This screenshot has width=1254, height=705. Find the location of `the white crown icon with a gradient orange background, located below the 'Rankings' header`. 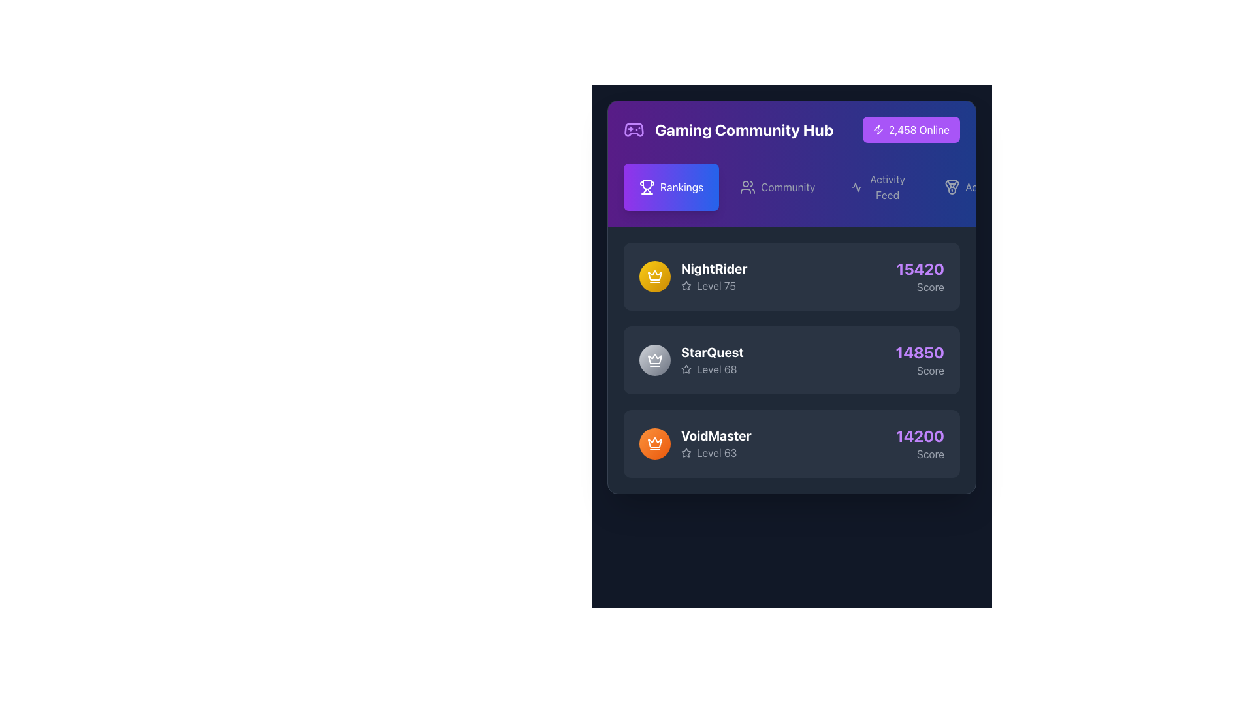

the white crown icon with a gradient orange background, located below the 'Rankings' header is located at coordinates (655, 443).